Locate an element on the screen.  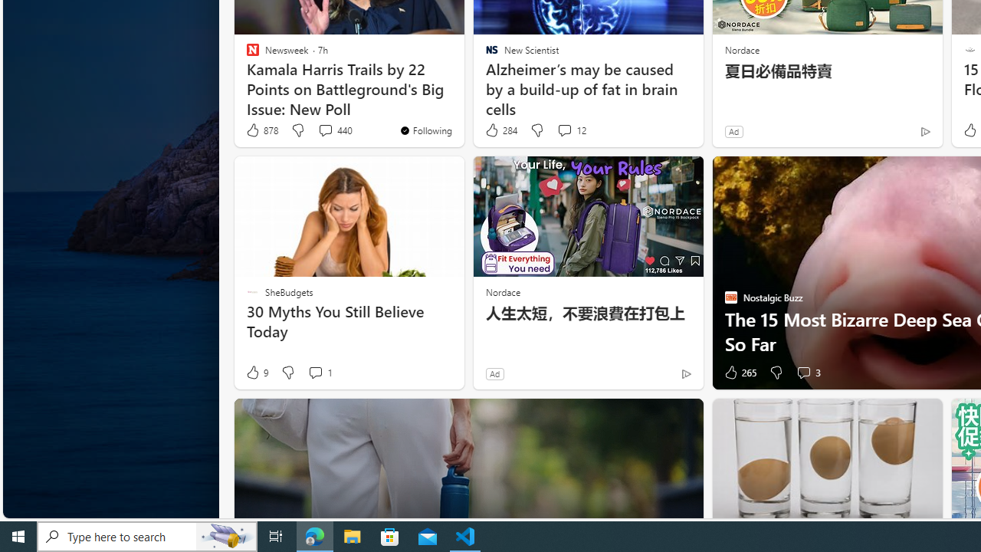
'View comments 12 Comment' is located at coordinates (570, 130).